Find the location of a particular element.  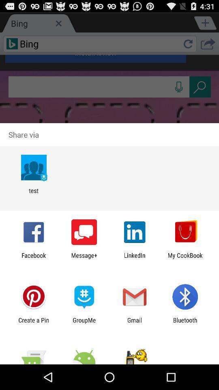

the icon next to groupme app is located at coordinates (33, 323).